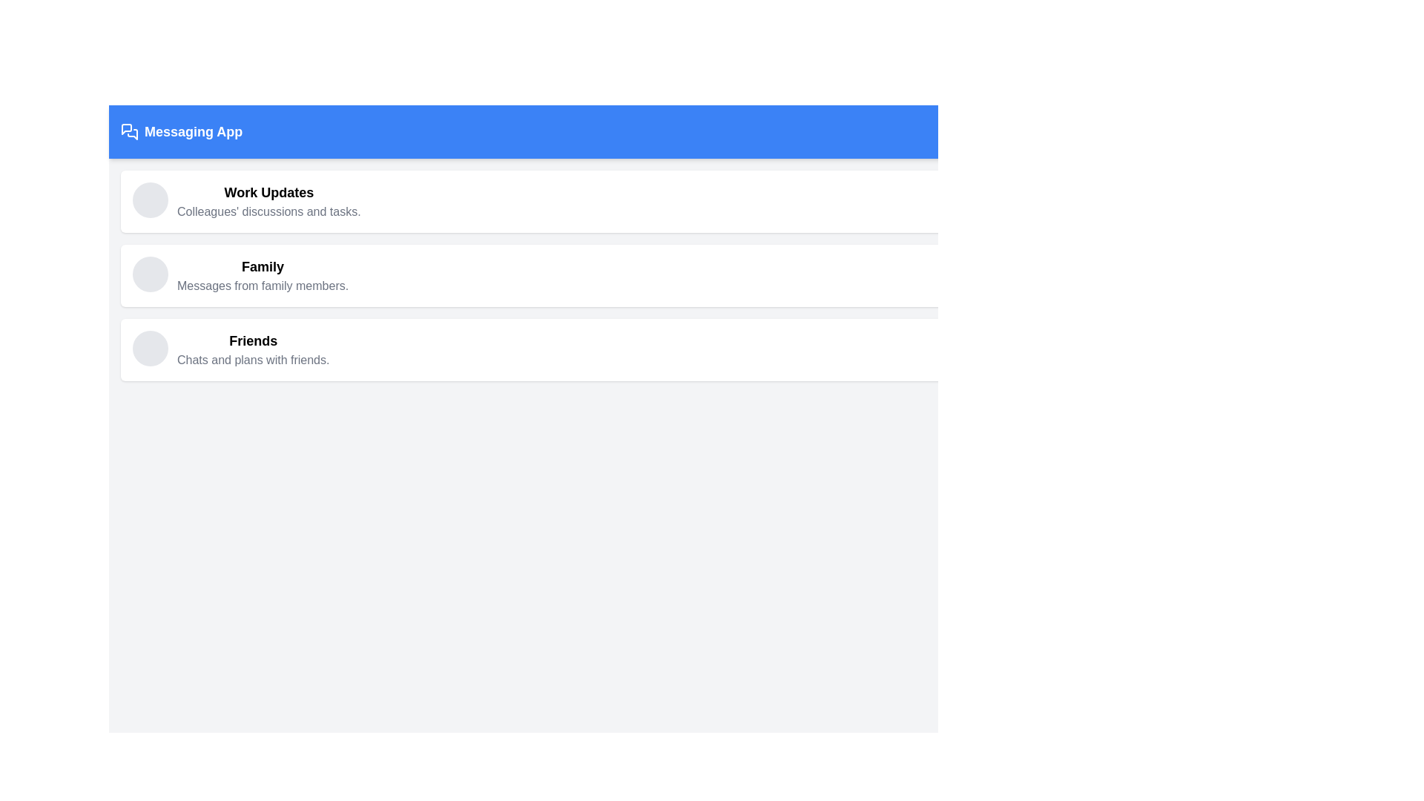 Image resolution: width=1424 pixels, height=801 pixels. What do you see at coordinates (263, 275) in the screenshot?
I see `the 'Family' text block that provides a category label and description about messages from family members` at bounding box center [263, 275].